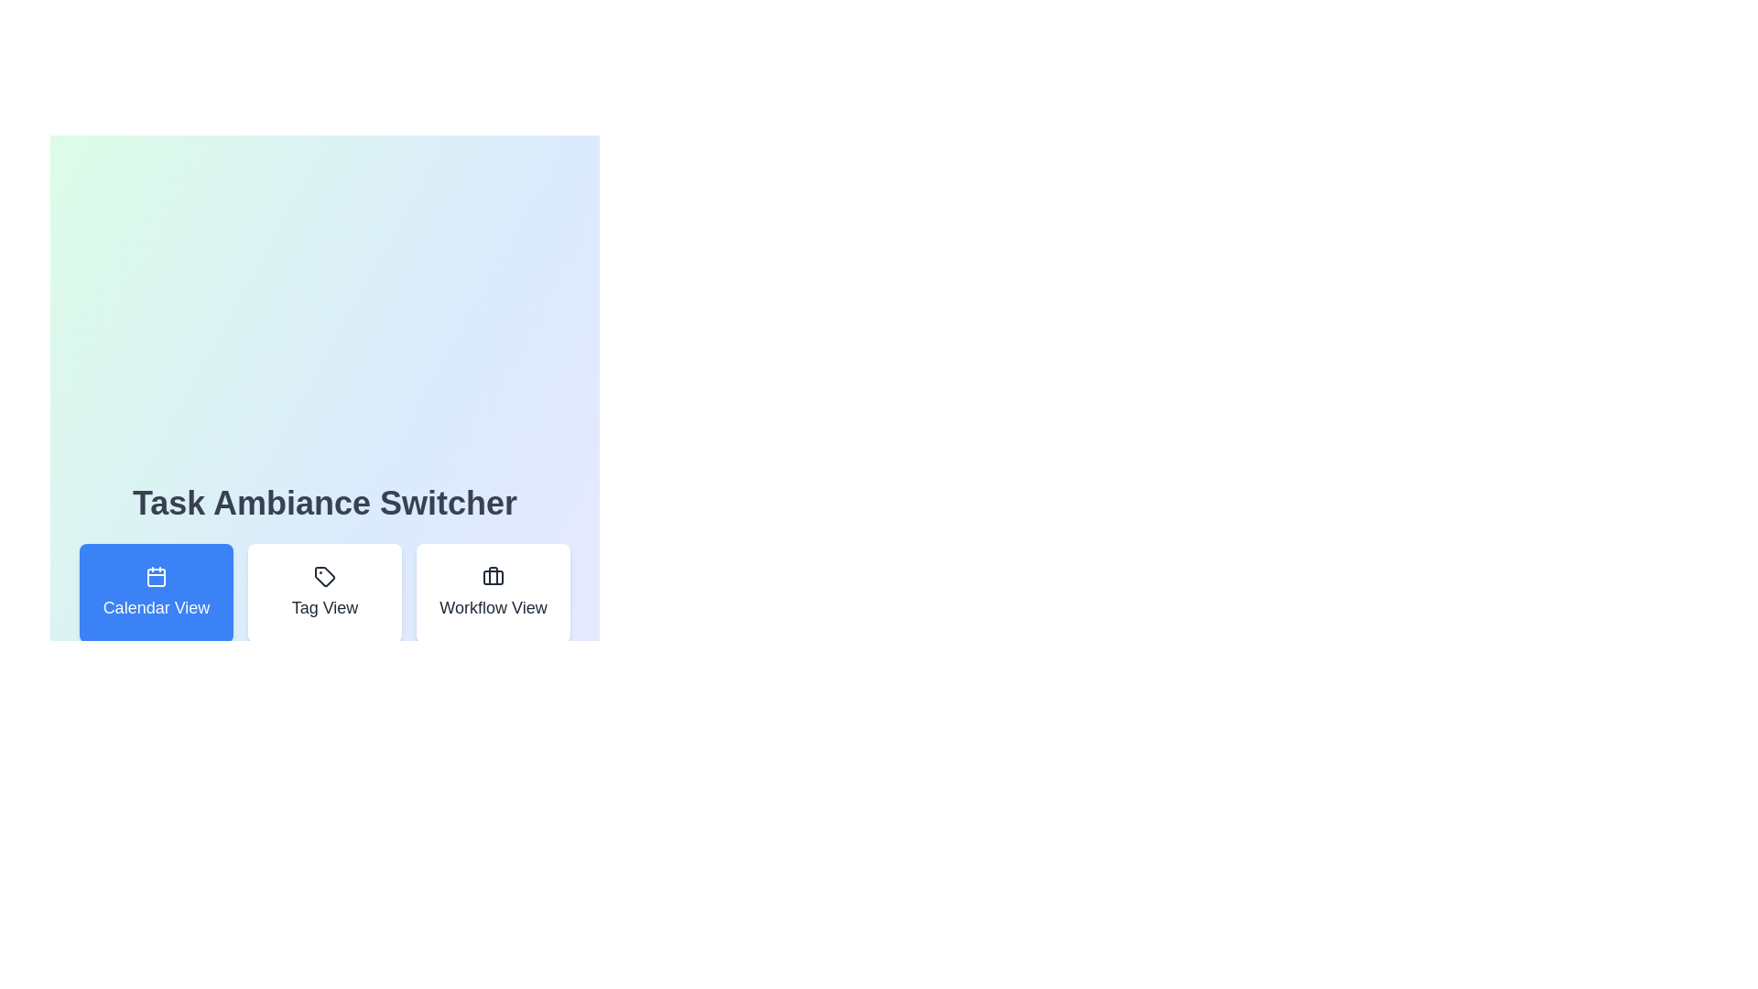 The image size is (1758, 989). I want to click on the 'Calendar View' icon located in the top-left quadrant of the interface, so click(157, 575).